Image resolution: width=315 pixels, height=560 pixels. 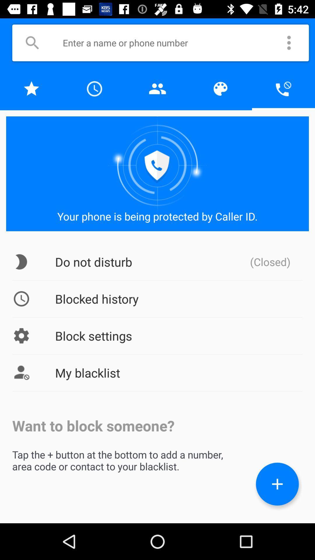 I want to click on call, so click(x=283, y=88).